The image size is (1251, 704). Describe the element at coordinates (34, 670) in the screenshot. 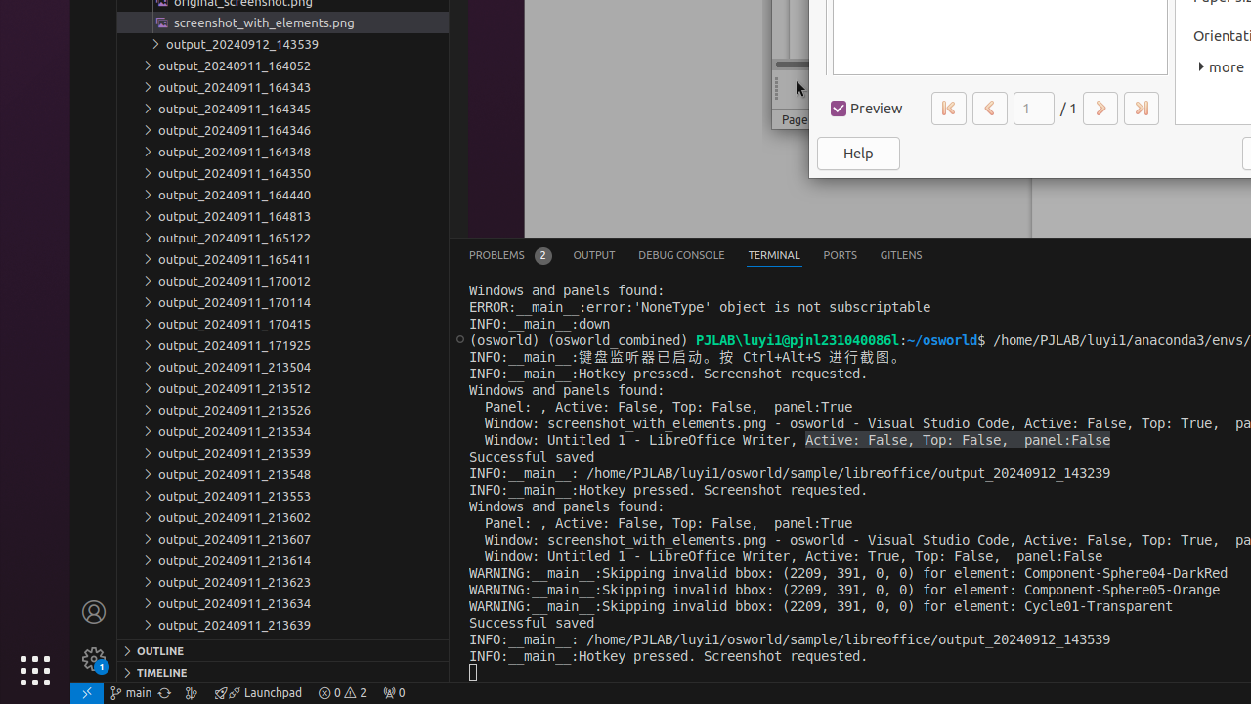

I see `'Show Applications'` at that location.